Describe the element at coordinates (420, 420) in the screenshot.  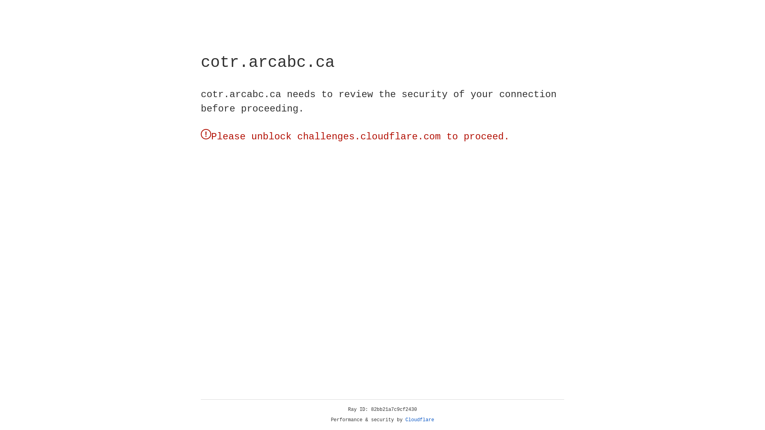
I see `'Cloudflare'` at that location.